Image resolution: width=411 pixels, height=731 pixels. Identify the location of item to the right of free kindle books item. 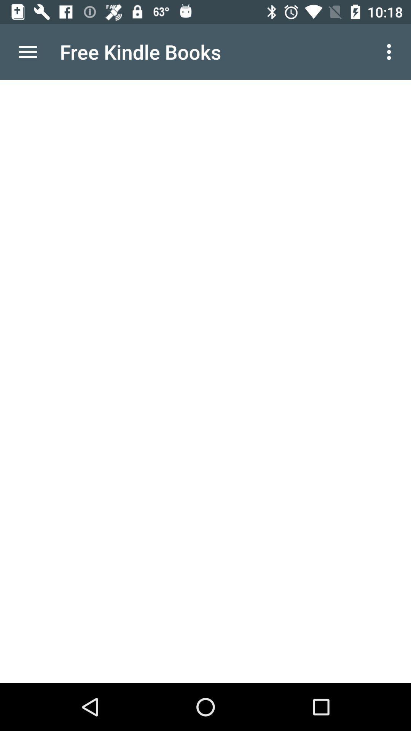
(391, 51).